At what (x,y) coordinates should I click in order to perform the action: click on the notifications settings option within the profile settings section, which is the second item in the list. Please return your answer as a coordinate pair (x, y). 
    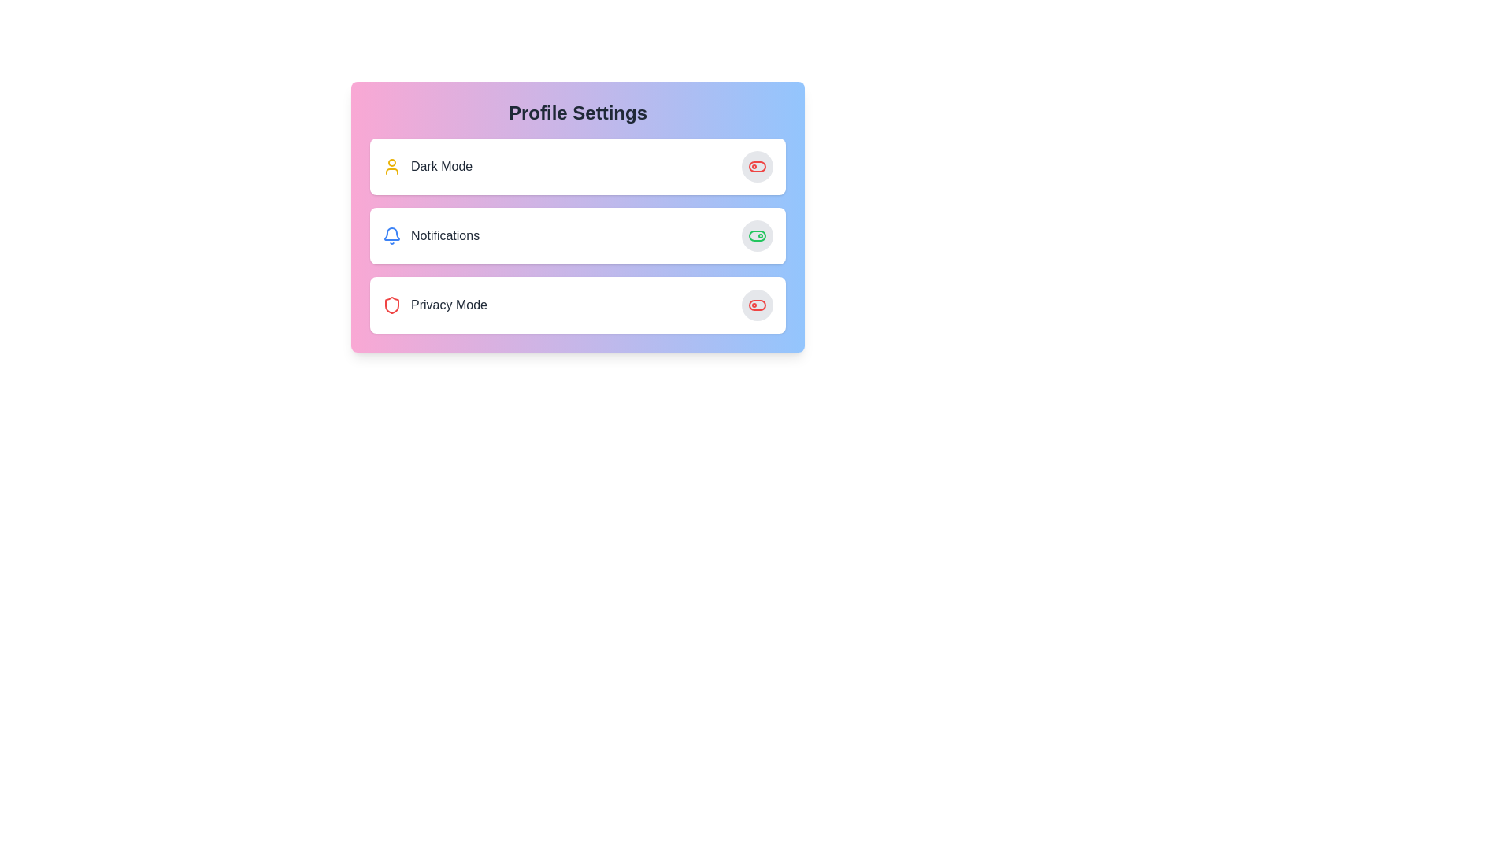
    Looking at the image, I should click on (431, 236).